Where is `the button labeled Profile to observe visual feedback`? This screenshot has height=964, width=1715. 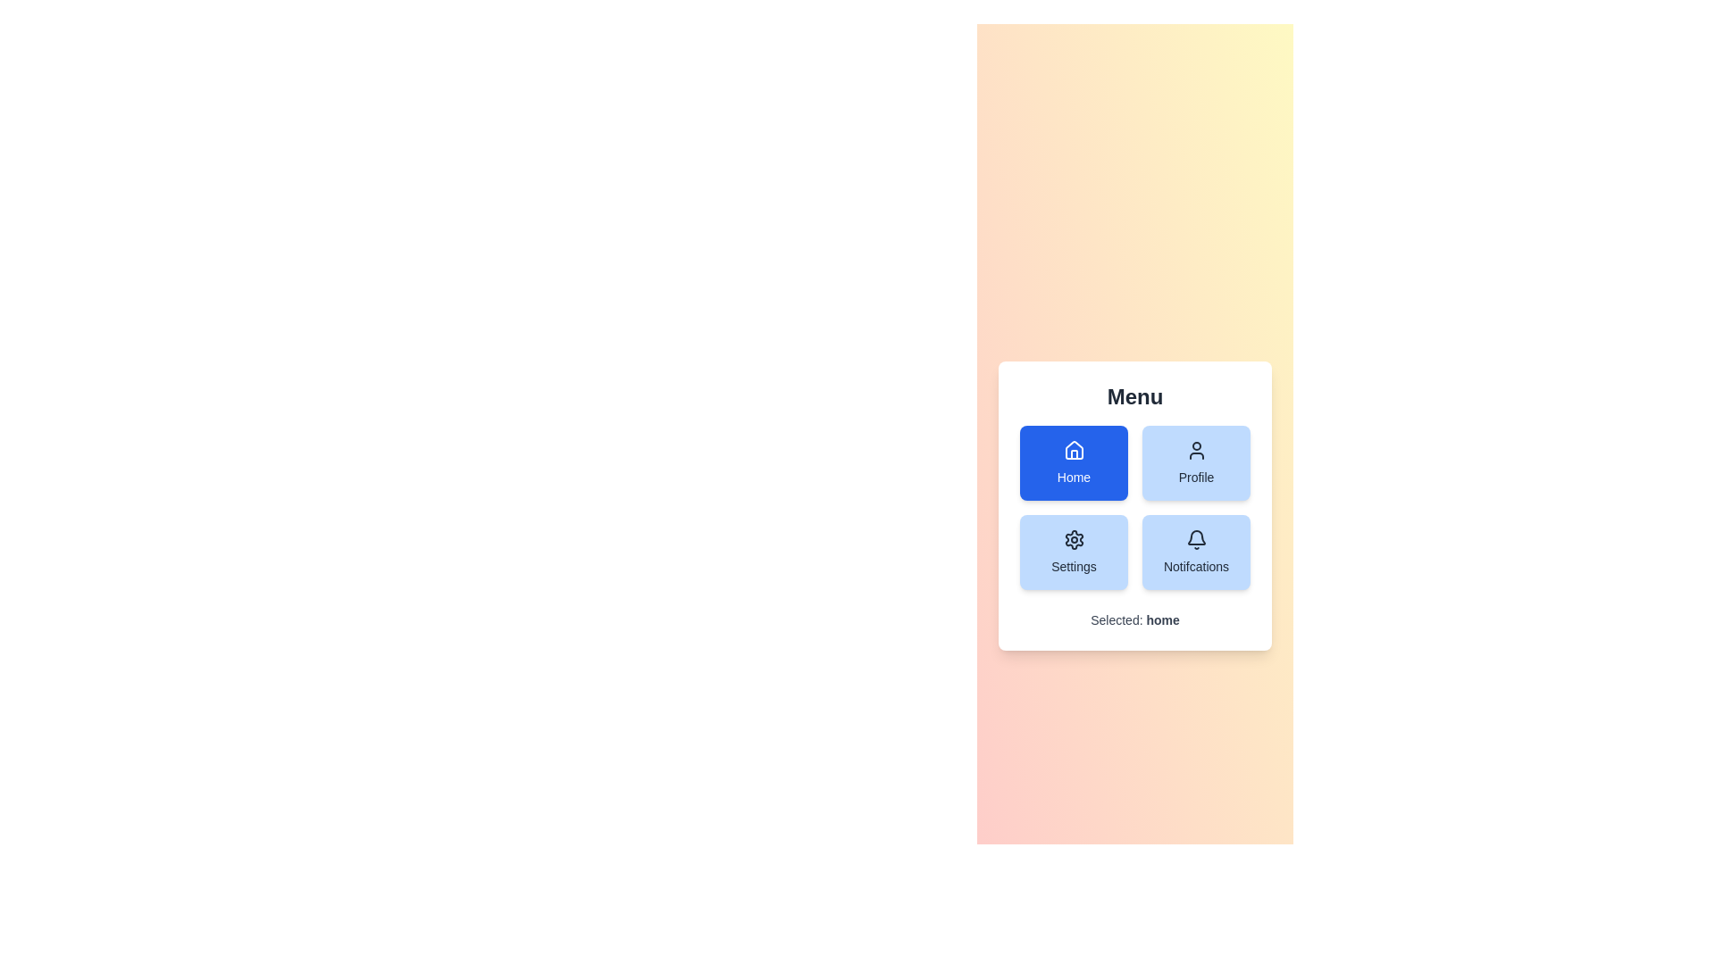
the button labeled Profile to observe visual feedback is located at coordinates (1196, 462).